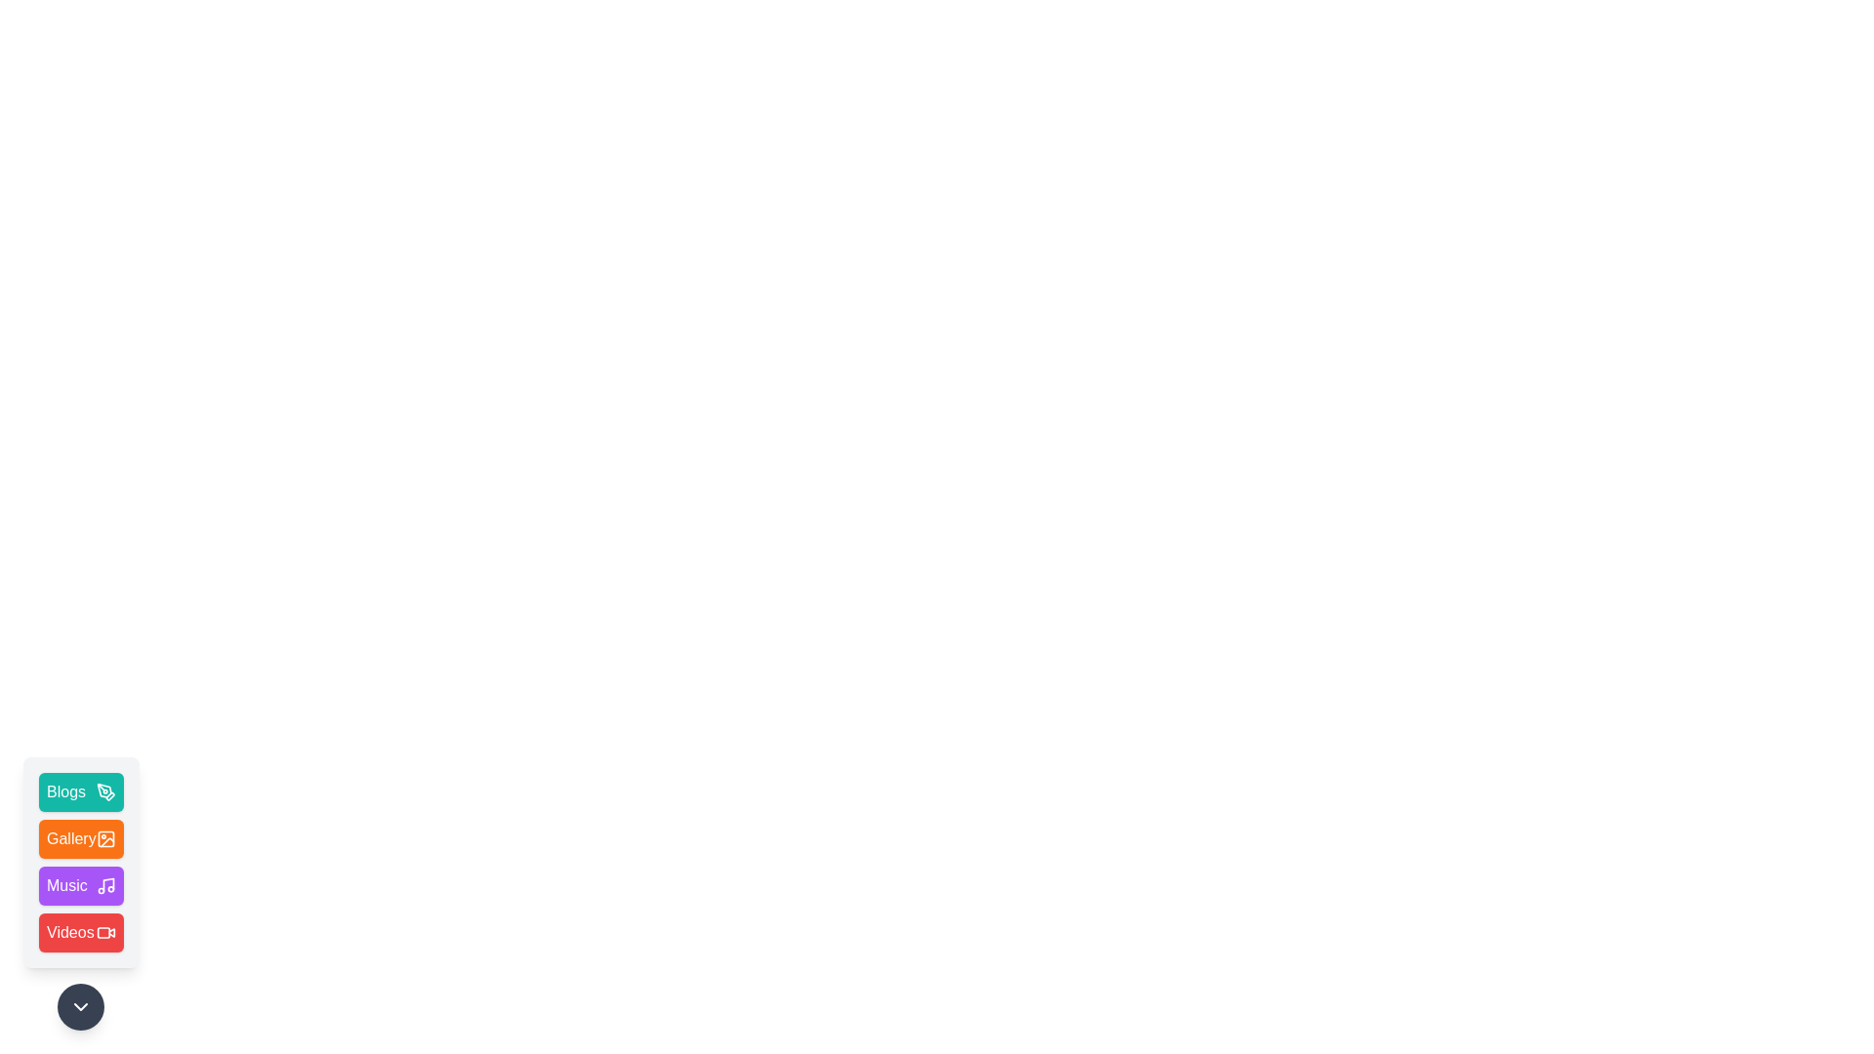 Image resolution: width=1874 pixels, height=1054 pixels. Describe the element at coordinates (80, 932) in the screenshot. I see `the Videos menu item to interact with it` at that location.